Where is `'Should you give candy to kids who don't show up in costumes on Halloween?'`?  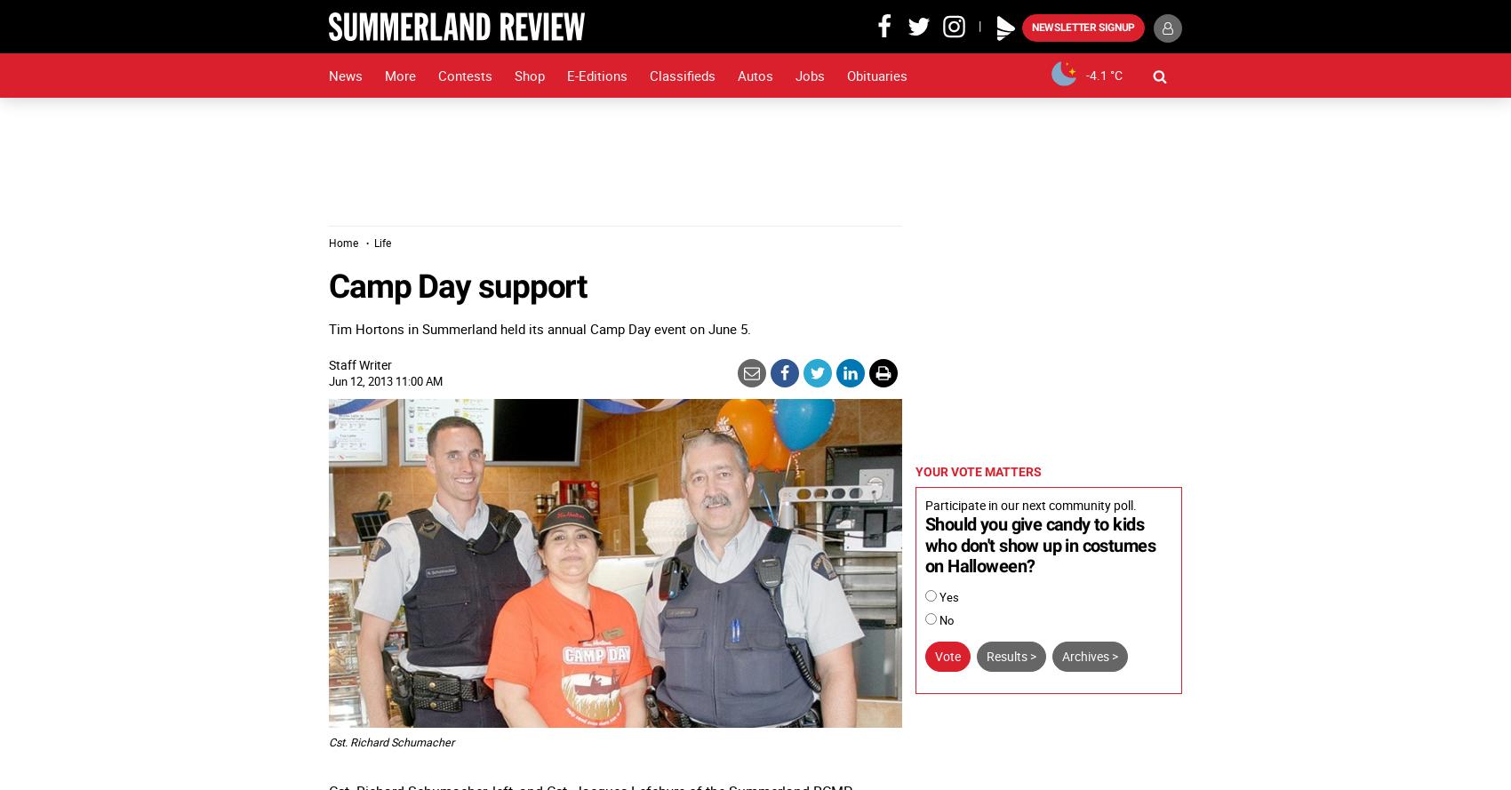 'Should you give candy to kids who don't show up in costumes on Halloween?' is located at coordinates (1039, 545).